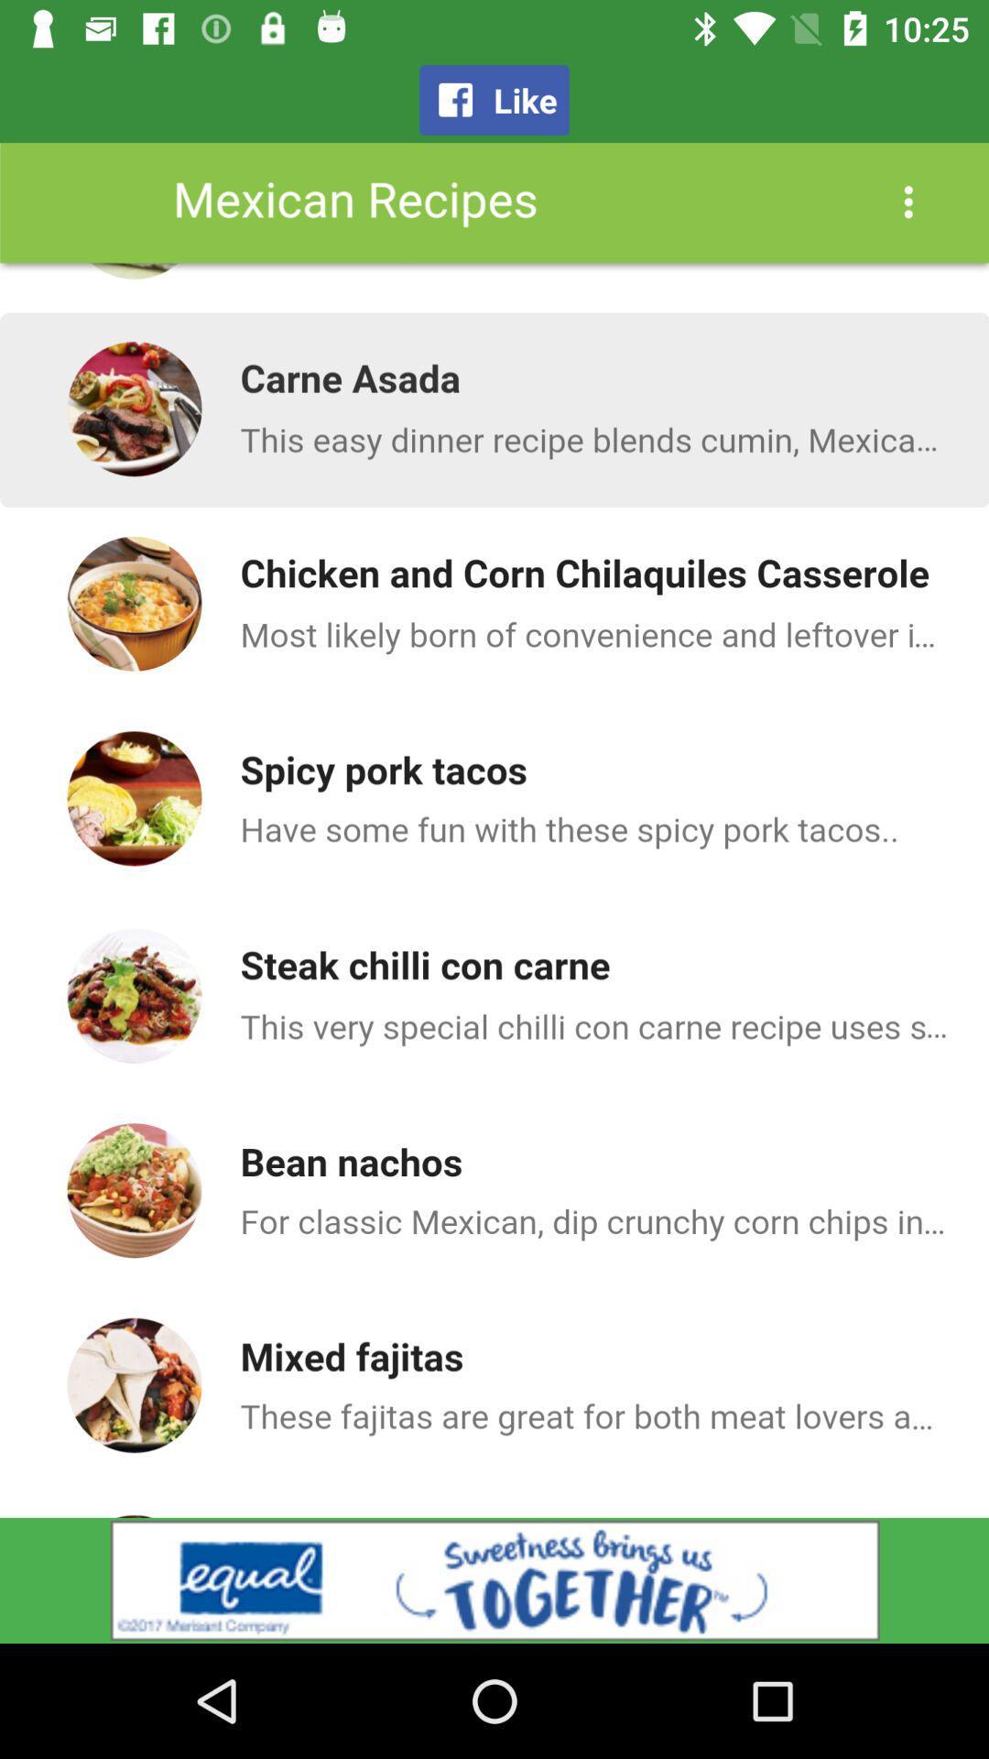  Describe the element at coordinates (494, 1579) in the screenshot. I see `get more information` at that location.